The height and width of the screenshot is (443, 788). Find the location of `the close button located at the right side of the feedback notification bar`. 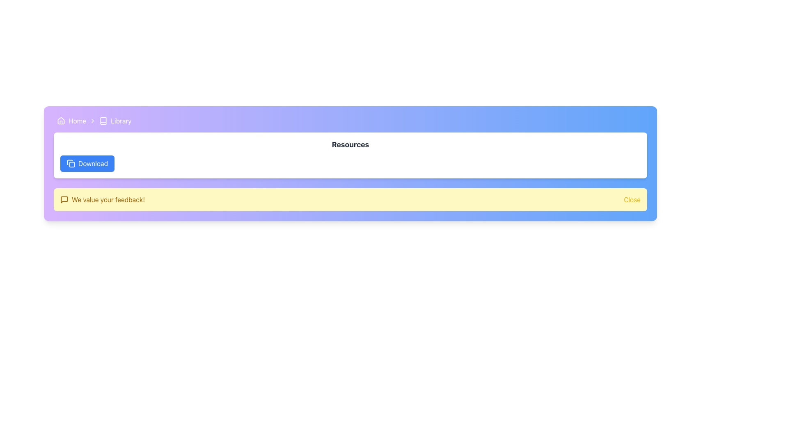

the close button located at the right side of the feedback notification bar is located at coordinates (632, 199).